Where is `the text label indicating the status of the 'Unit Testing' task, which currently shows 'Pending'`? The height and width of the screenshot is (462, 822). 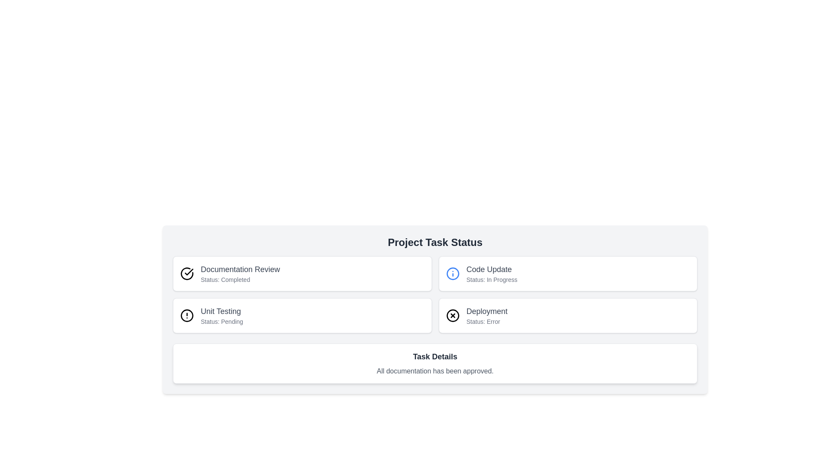
the text label indicating the status of the 'Unit Testing' task, which currently shows 'Pending' is located at coordinates (222, 315).